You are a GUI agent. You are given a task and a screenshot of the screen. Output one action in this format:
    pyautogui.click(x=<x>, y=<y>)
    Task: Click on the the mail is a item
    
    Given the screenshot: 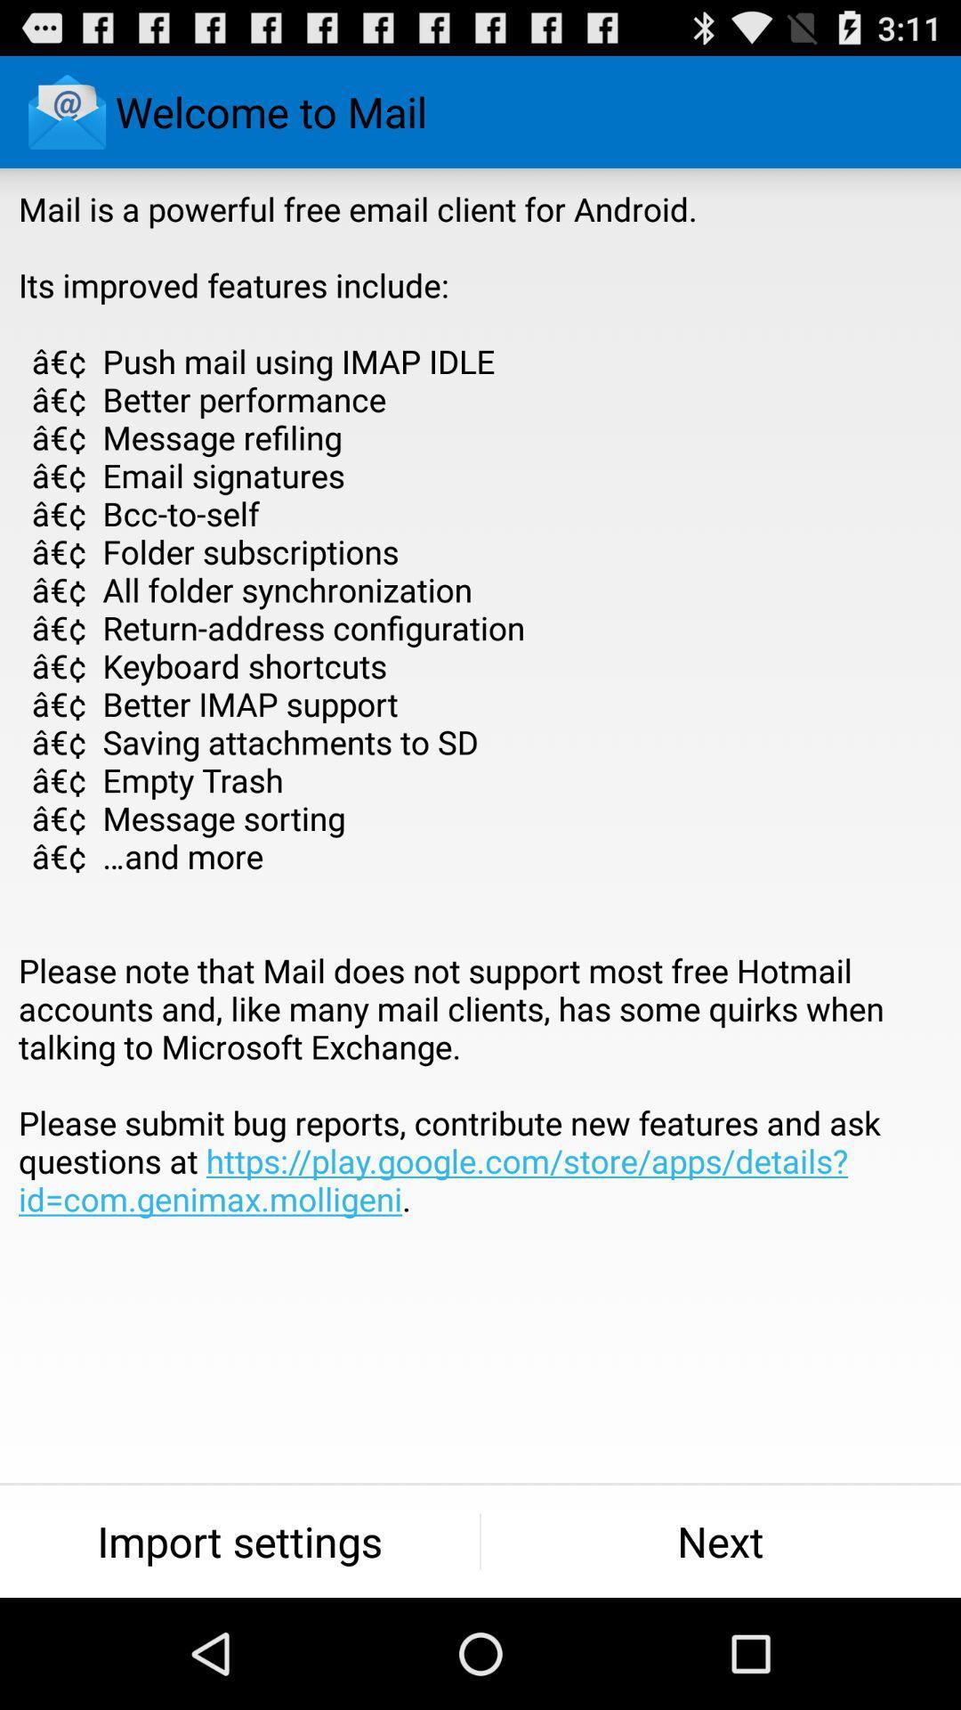 What is the action you would take?
    pyautogui.click(x=480, y=742)
    